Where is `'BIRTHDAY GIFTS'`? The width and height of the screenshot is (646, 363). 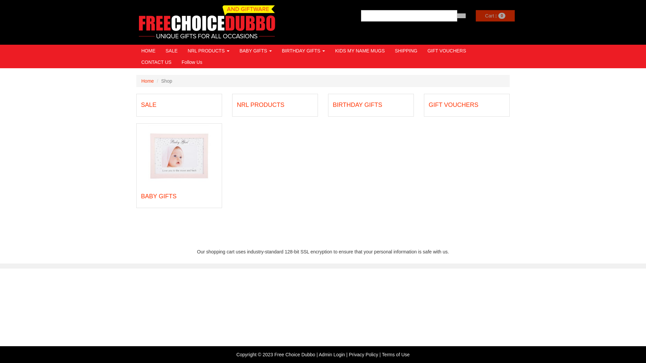 'BIRTHDAY GIFTS' is located at coordinates (303, 50).